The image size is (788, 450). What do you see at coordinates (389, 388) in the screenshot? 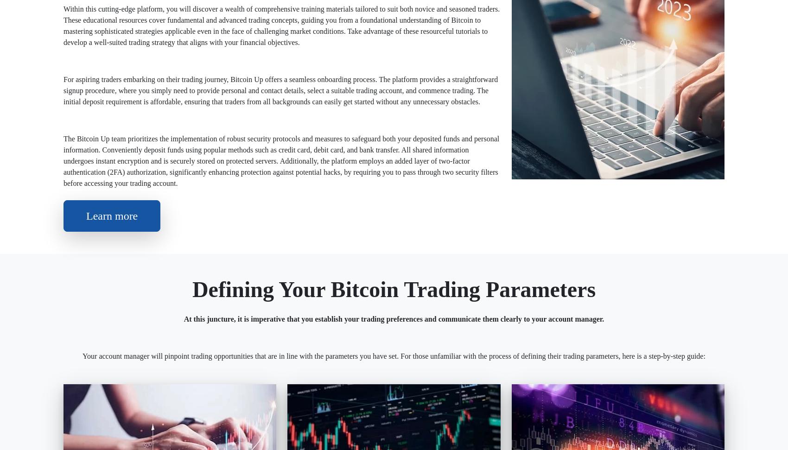
I see `'Carefully read the Terms & Conditions and Disclaimer page of the third-party investor platform before investing. Users must be cognizant of their individual capital gain tax liability in their country of residence. It is against the law to solicit United States persons to buy and sell commodity options, even if they are called ‘prediction' contracts unless they are listed for trading and traded on a CFTC-registered exchange or unless legally exempt.'` at bounding box center [389, 388].